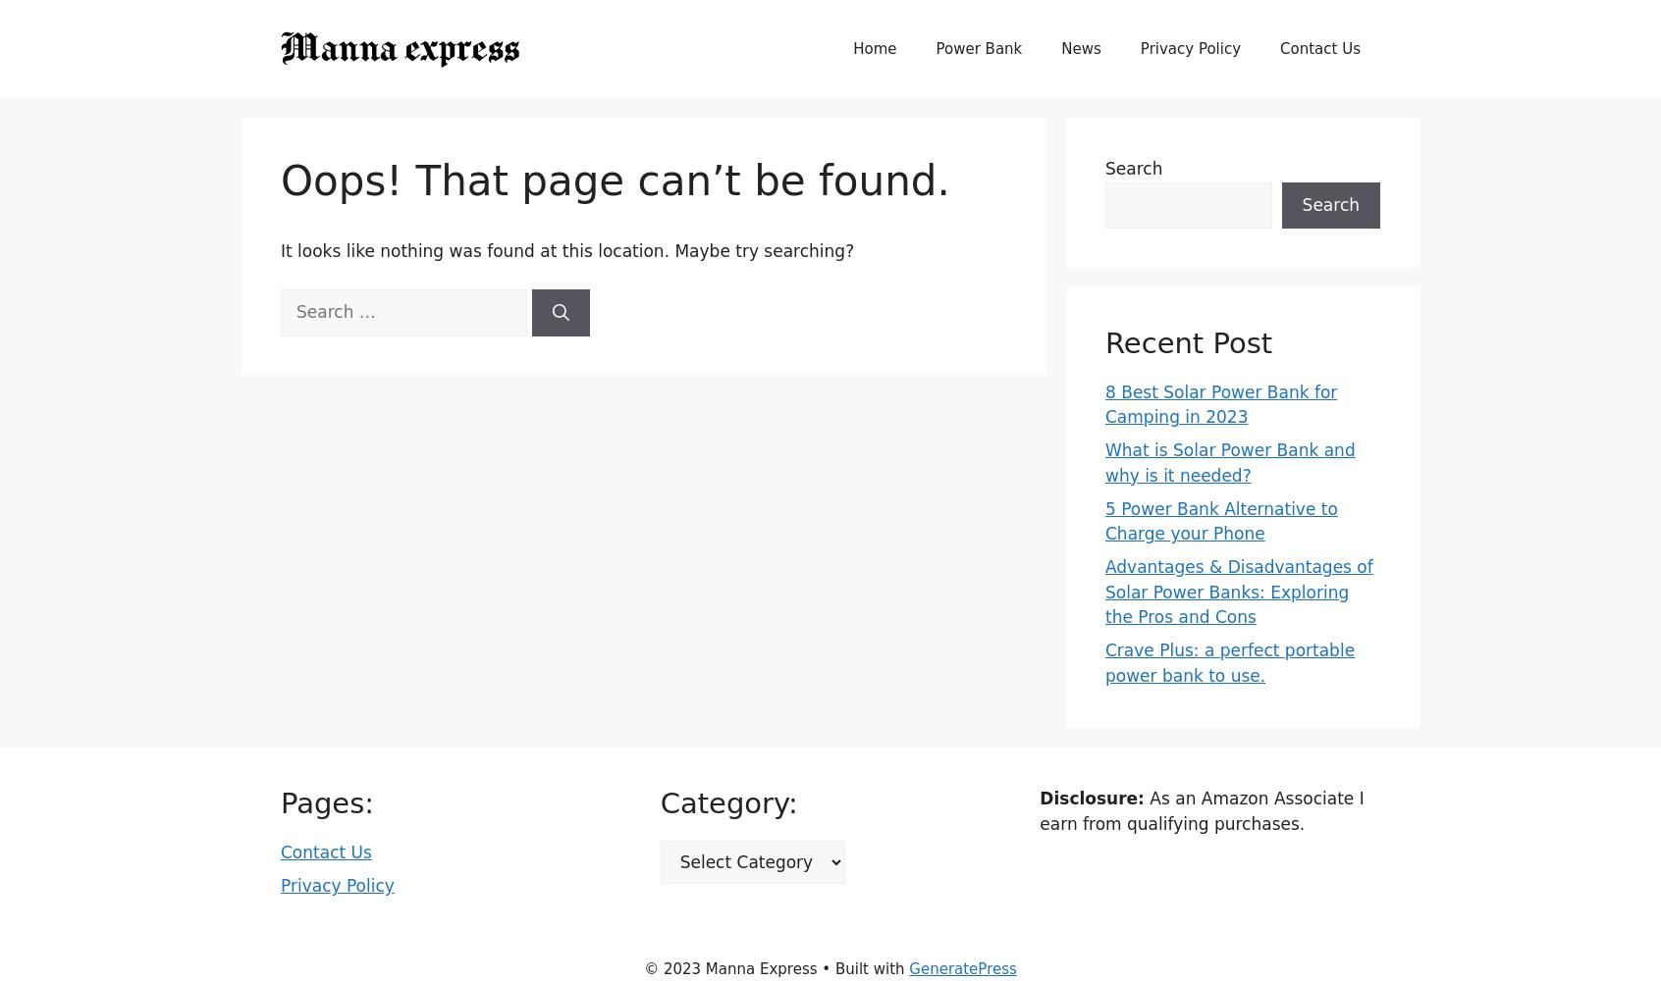 The image size is (1661, 981). I want to click on 'GeneratePress', so click(909, 967).